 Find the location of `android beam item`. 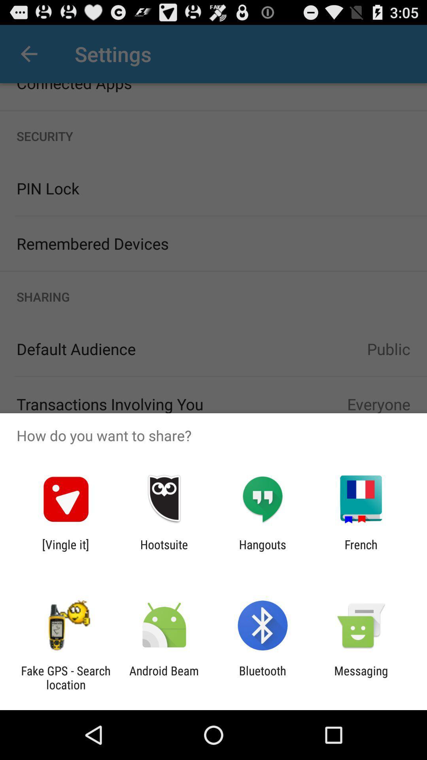

android beam item is located at coordinates (164, 677).